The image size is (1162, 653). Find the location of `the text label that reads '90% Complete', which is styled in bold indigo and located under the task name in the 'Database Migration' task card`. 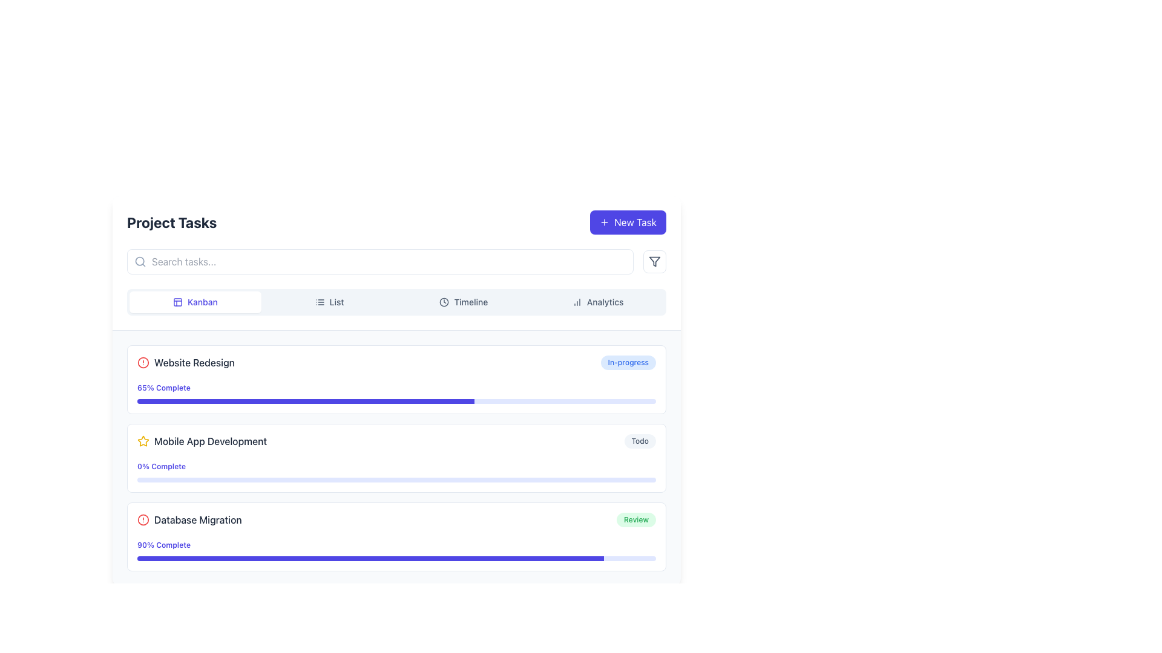

the text label that reads '90% Complete', which is styled in bold indigo and located under the task name in the 'Database Migration' task card is located at coordinates (163, 543).